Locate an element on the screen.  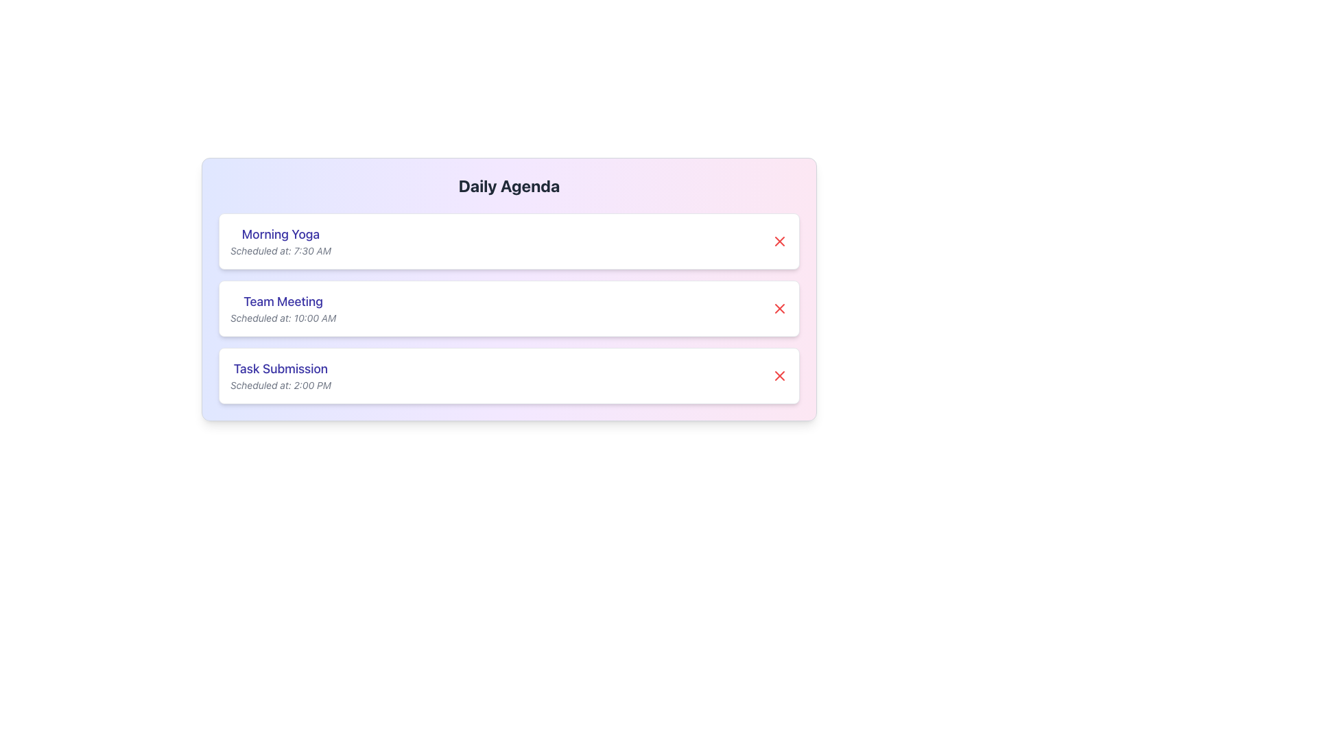
the text label styled in small italic gray font containing the text 'Scheduled at: 2:00 PM', located within the third agenda item 'Task Submission' in the 'Daily Agenda' list is located at coordinates (280, 386).